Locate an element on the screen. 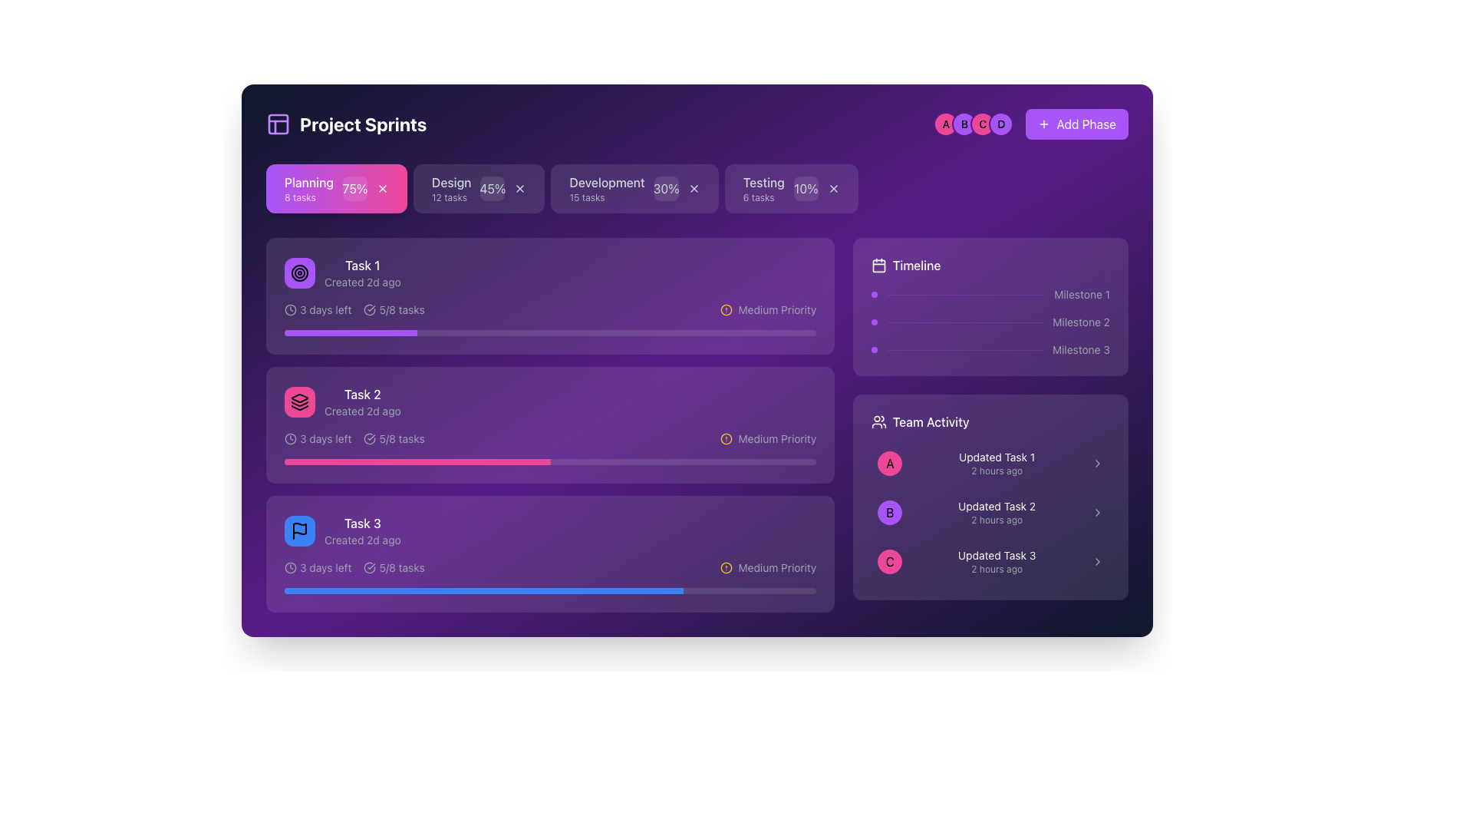 The width and height of the screenshot is (1473, 829). the purple rounded rectangle element that is part of the calendar icon, located near the top-right of the interface beside the 'Timeline' section heading is located at coordinates (879, 265).